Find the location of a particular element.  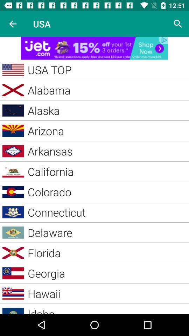

search page is located at coordinates (178, 24).